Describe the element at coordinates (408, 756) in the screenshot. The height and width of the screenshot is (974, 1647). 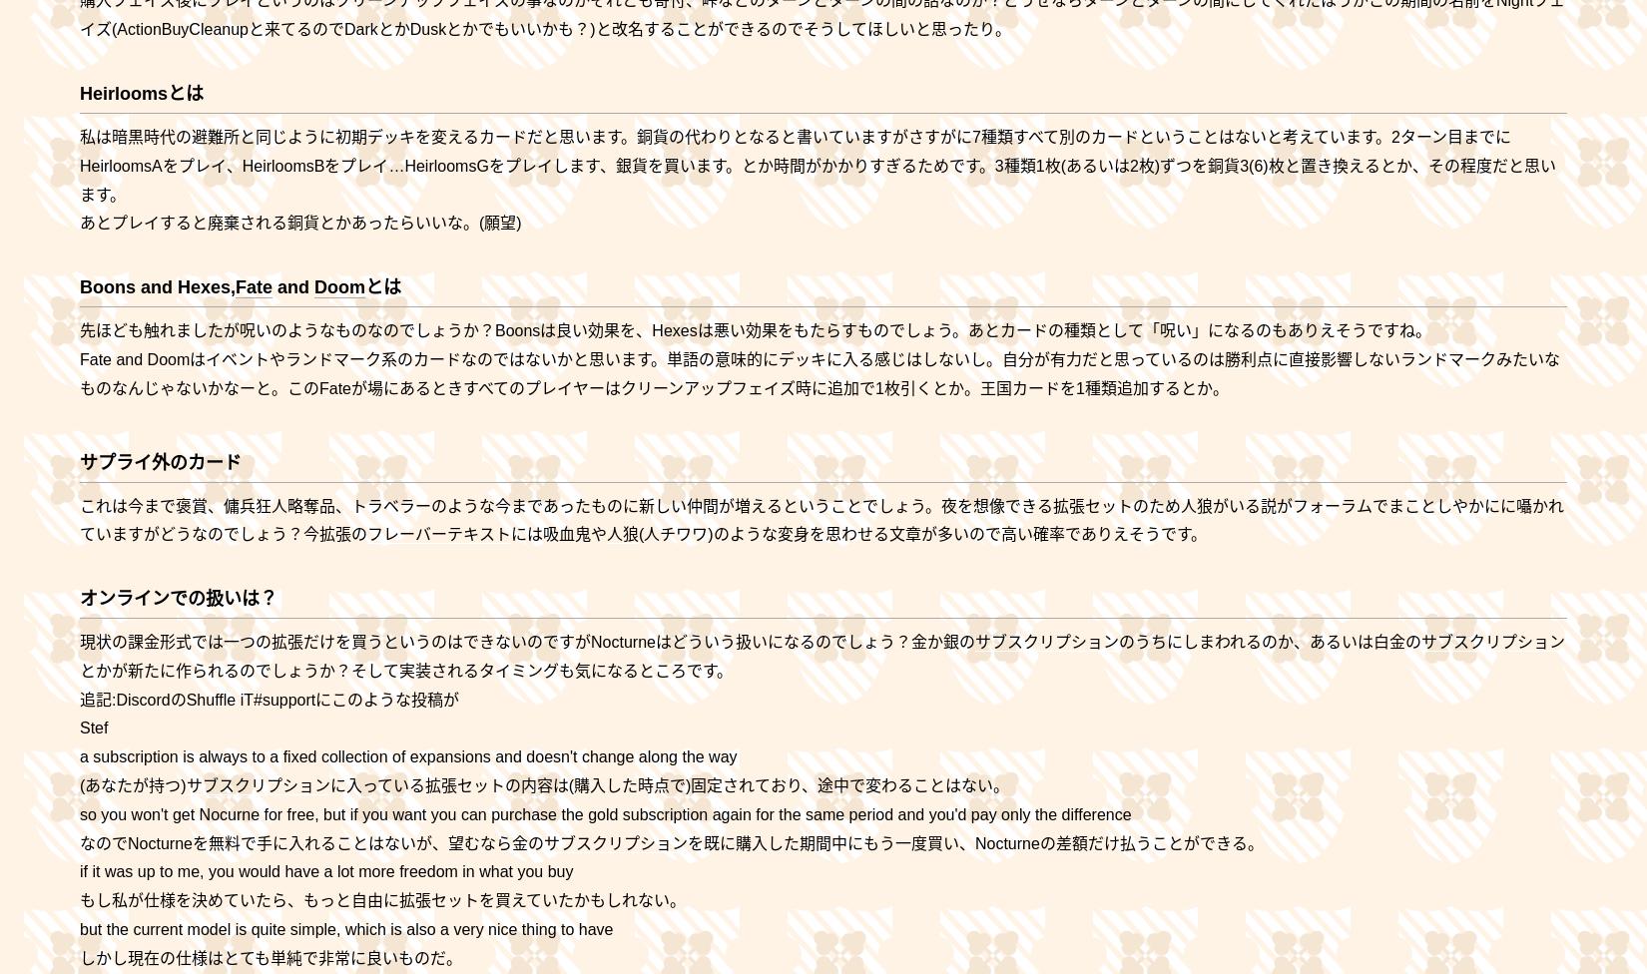
I see `'a subscription is always to a fixed collection of expansions  and doesn't change along the way'` at that location.